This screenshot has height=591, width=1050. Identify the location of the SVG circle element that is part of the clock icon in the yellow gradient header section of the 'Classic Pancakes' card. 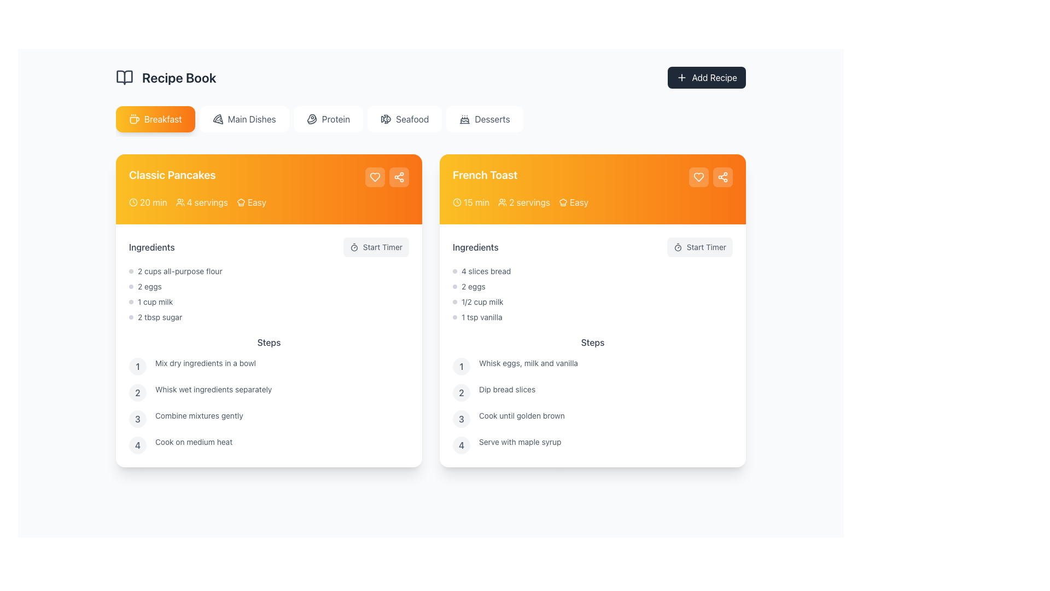
(133, 202).